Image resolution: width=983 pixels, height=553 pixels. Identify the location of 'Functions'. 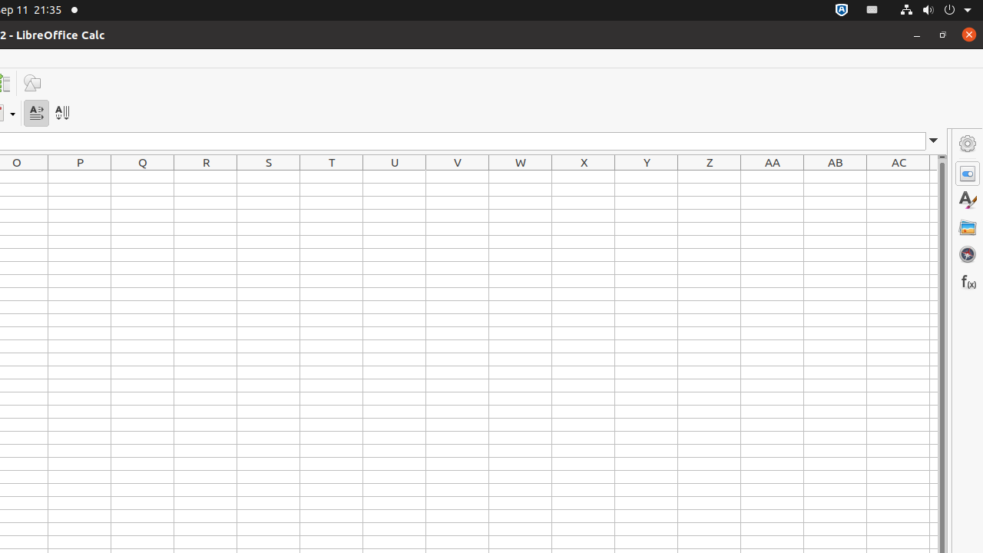
(967, 280).